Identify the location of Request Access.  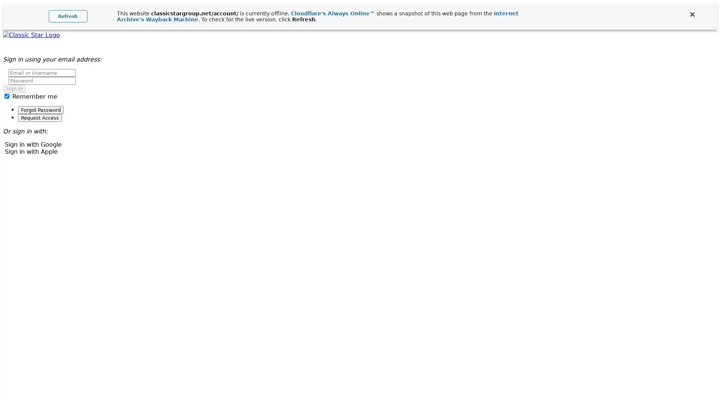
(39, 118).